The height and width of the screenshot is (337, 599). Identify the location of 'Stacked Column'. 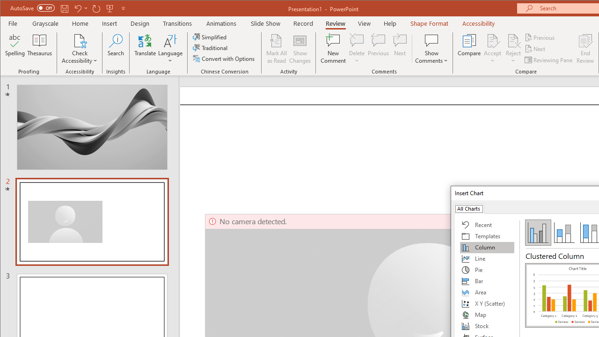
(563, 232).